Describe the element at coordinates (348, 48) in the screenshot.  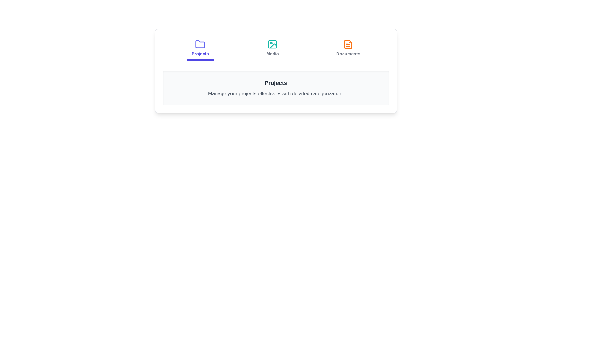
I see `the Documents tab by clicking on it` at that location.